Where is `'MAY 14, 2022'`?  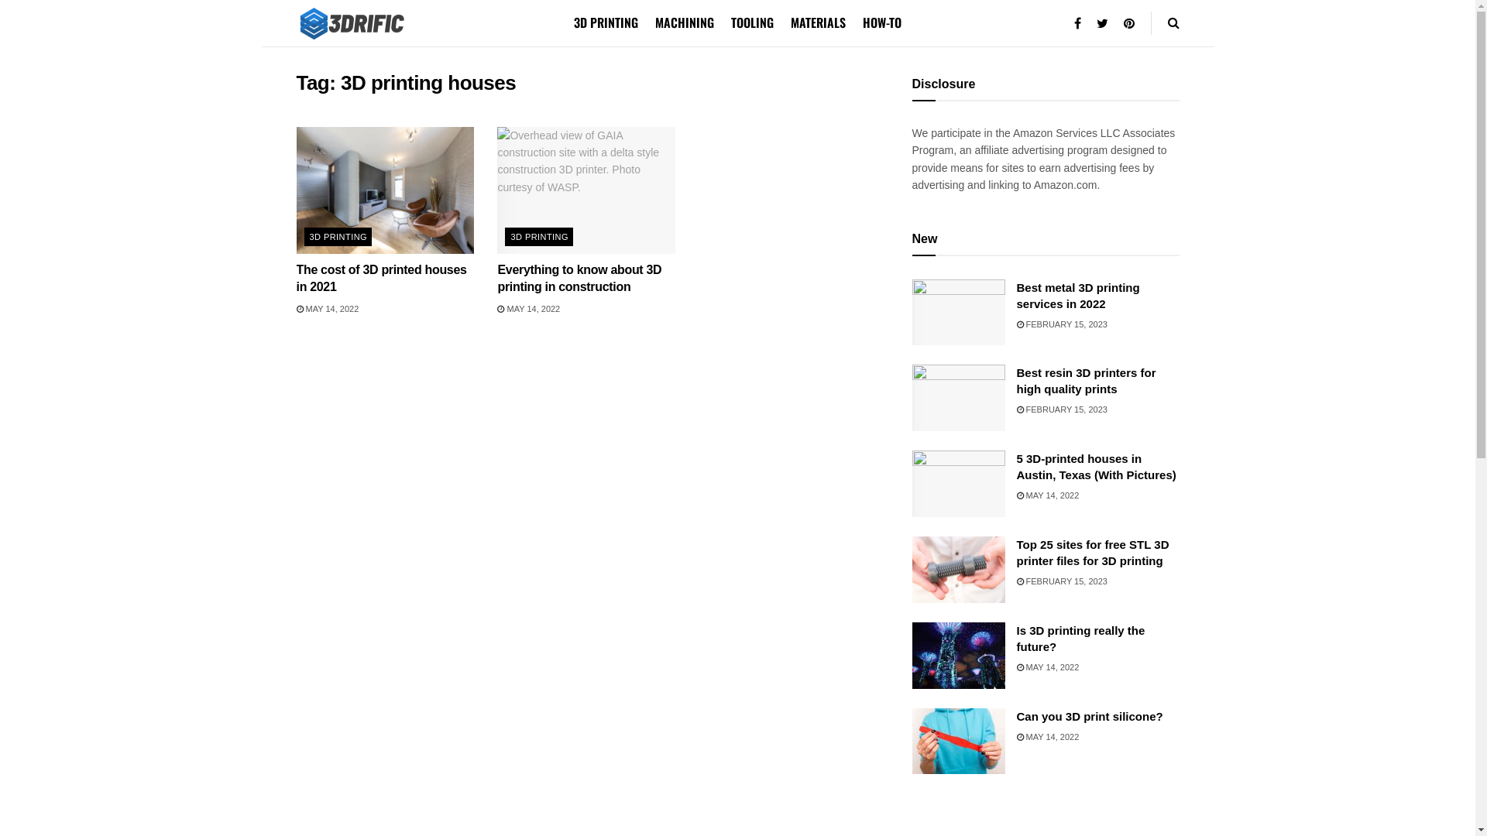
'MAY 14, 2022' is located at coordinates (1047, 495).